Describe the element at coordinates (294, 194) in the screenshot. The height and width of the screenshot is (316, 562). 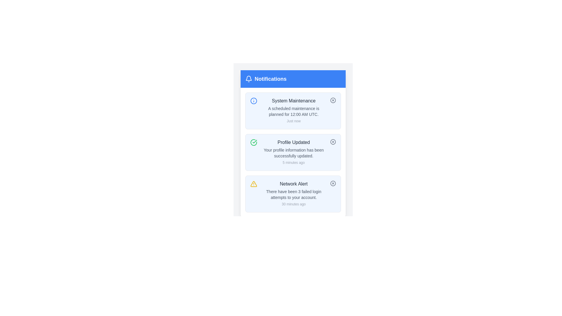
I see `the alert message notifying users of failed login attempts, located within the 'Network Alert' notification card, positioned below the title 'Network Alert'` at that location.